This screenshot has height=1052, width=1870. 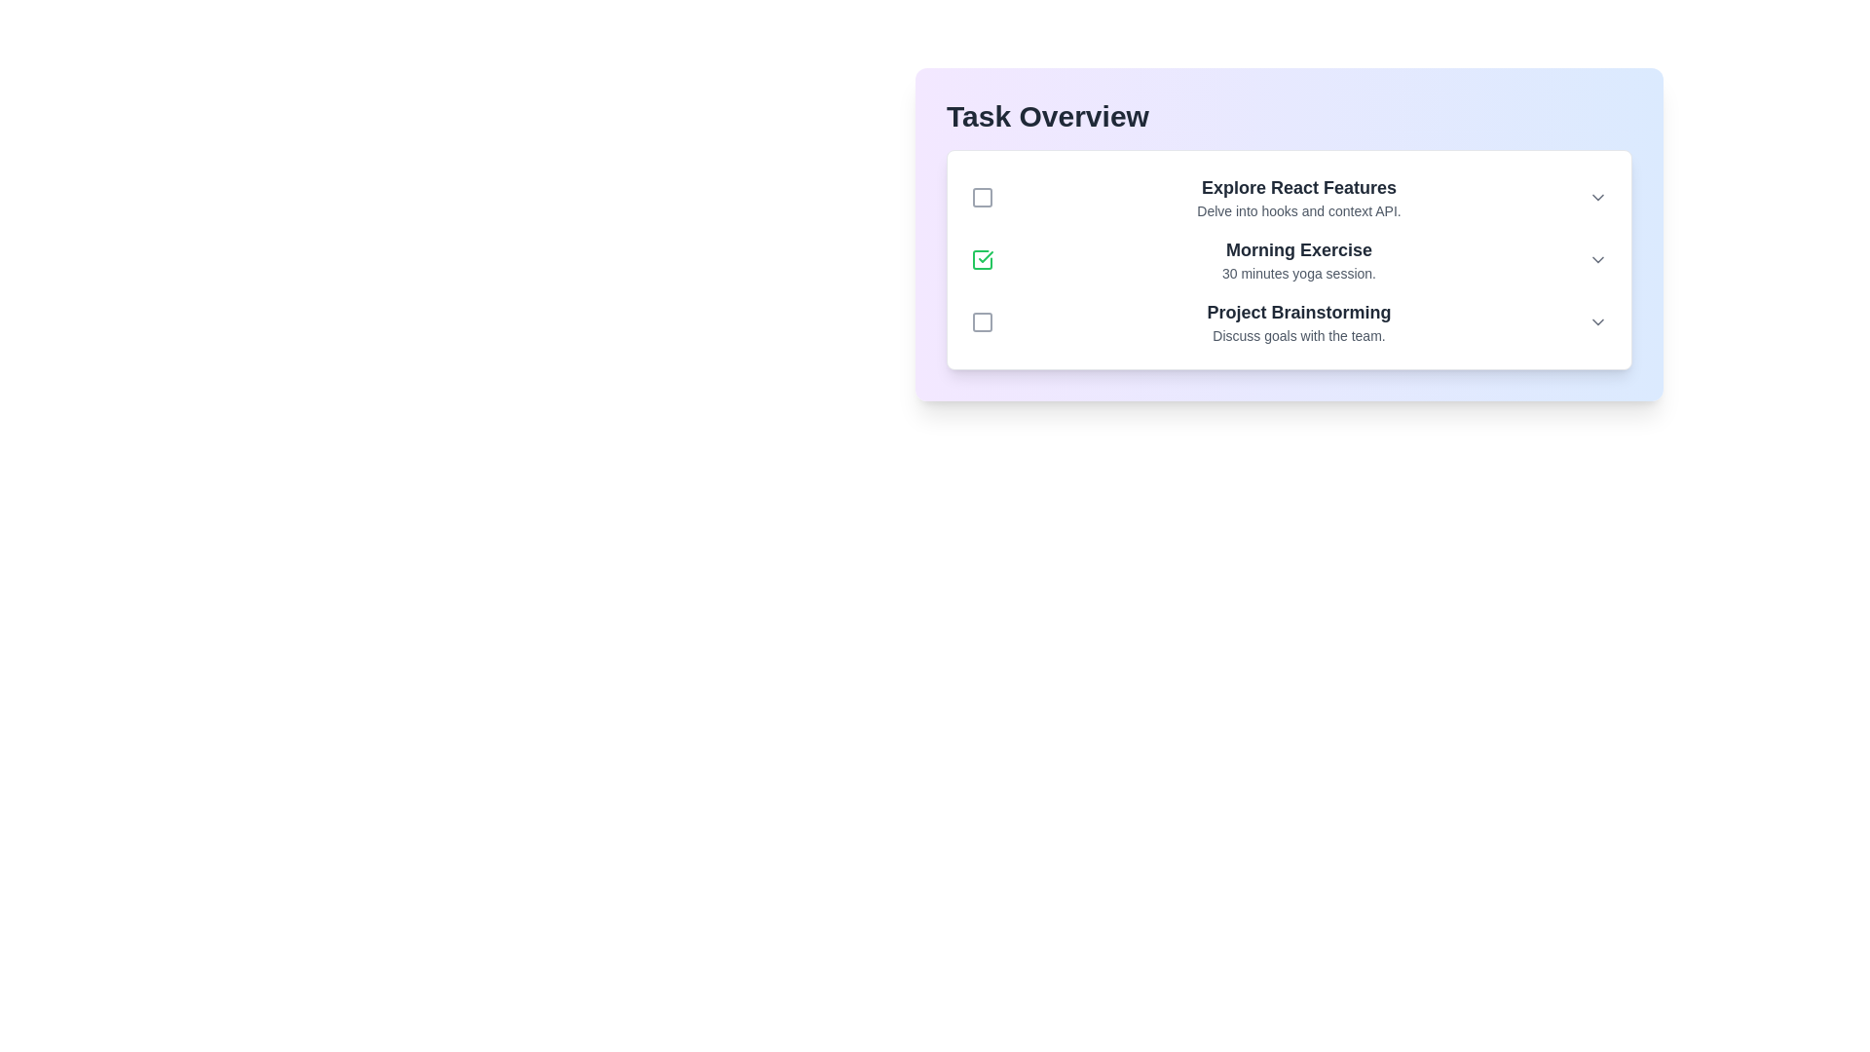 What do you see at coordinates (1598, 321) in the screenshot?
I see `the ChevronDown icon corresponding to the task titled Project Brainstorming to expand its details` at bounding box center [1598, 321].